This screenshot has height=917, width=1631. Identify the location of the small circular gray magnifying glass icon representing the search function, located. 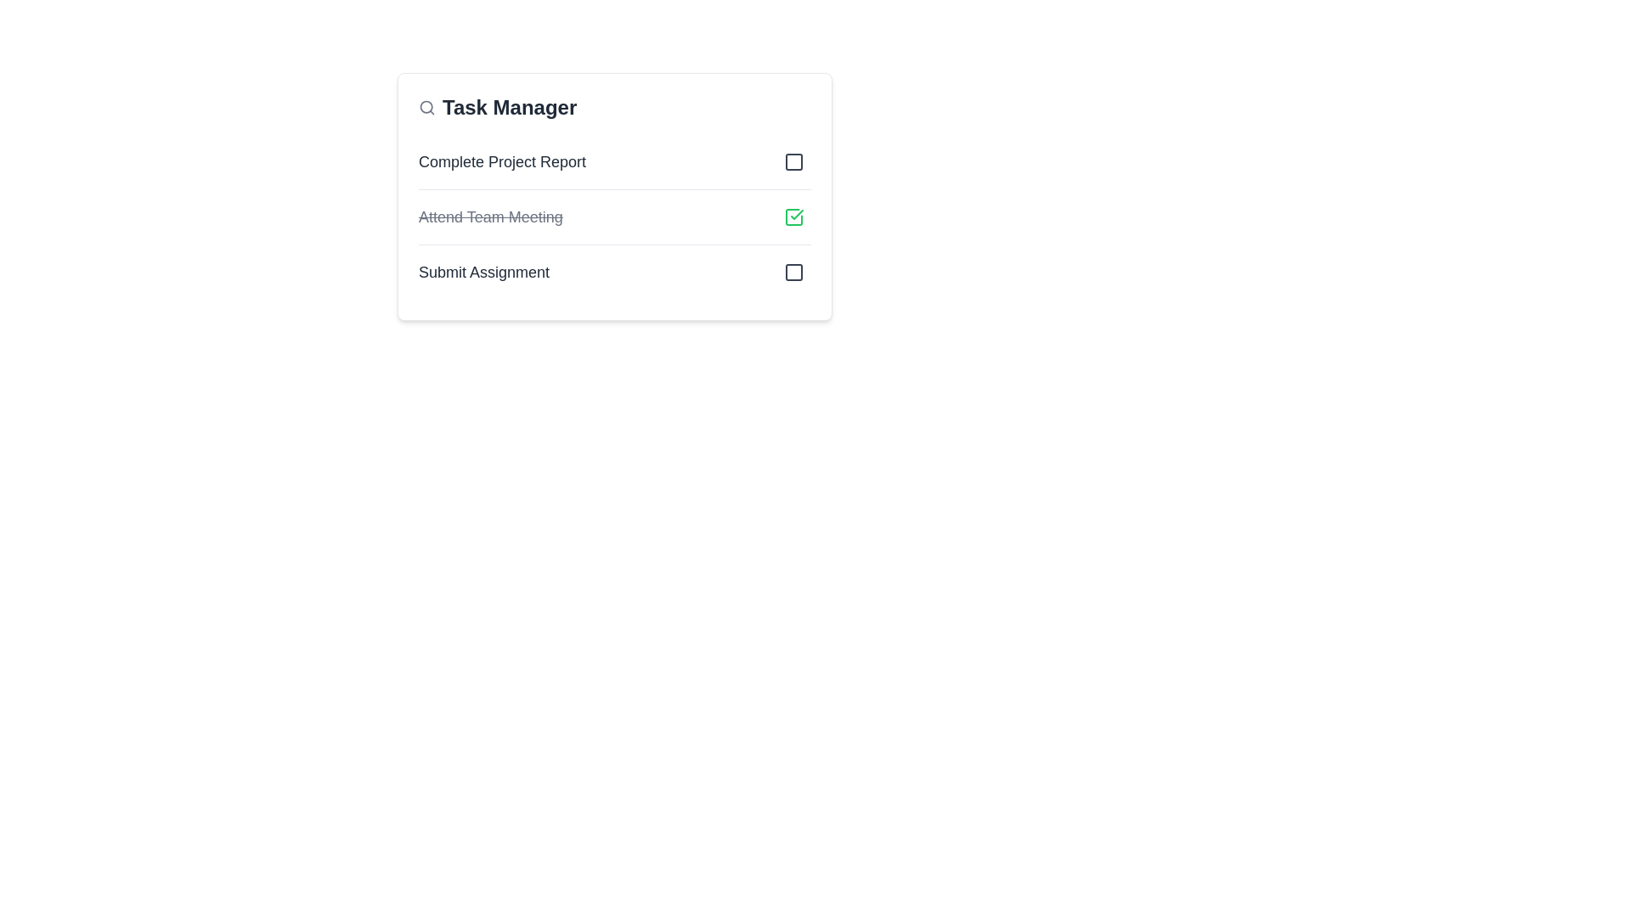
(427, 108).